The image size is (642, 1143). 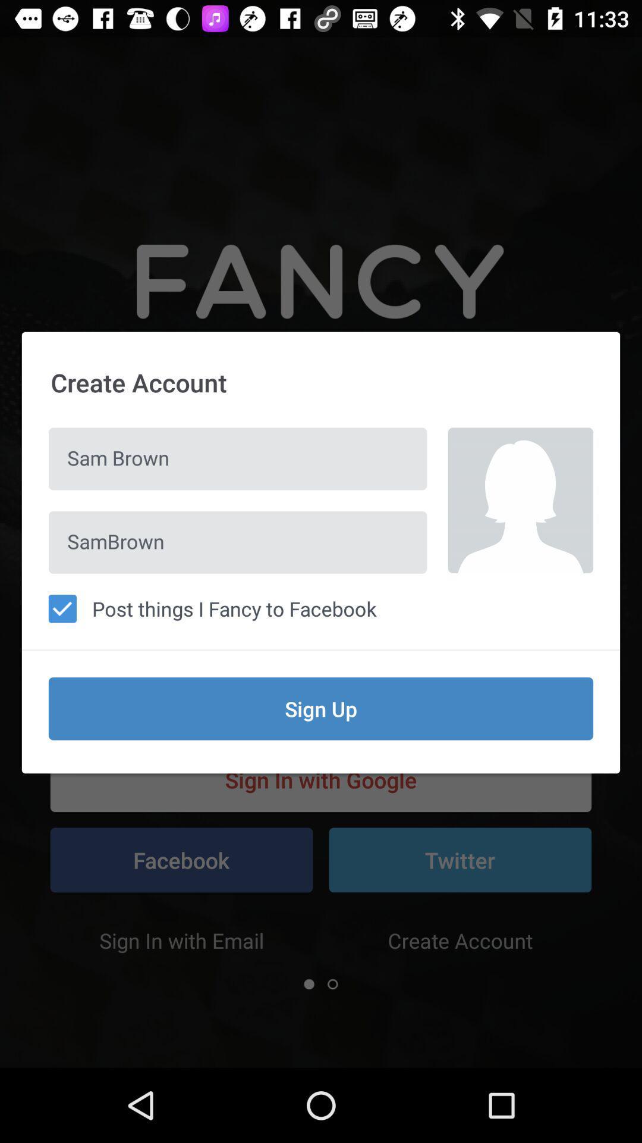 I want to click on icon below sam brown item, so click(x=238, y=542).